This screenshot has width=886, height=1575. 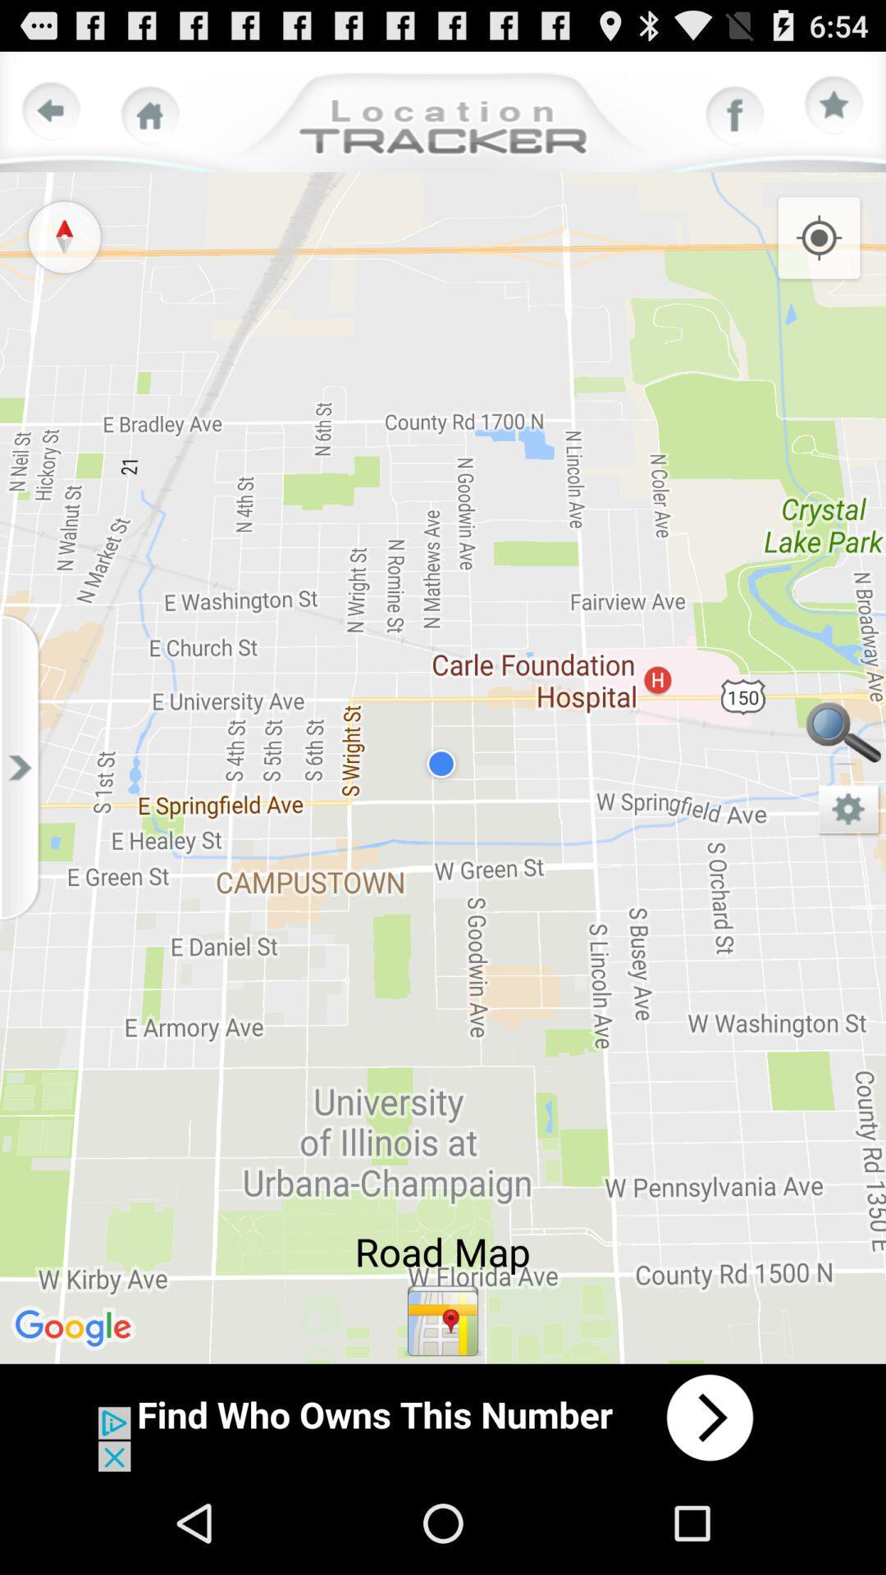 What do you see at coordinates (25, 767) in the screenshot?
I see `side arrow button` at bounding box center [25, 767].